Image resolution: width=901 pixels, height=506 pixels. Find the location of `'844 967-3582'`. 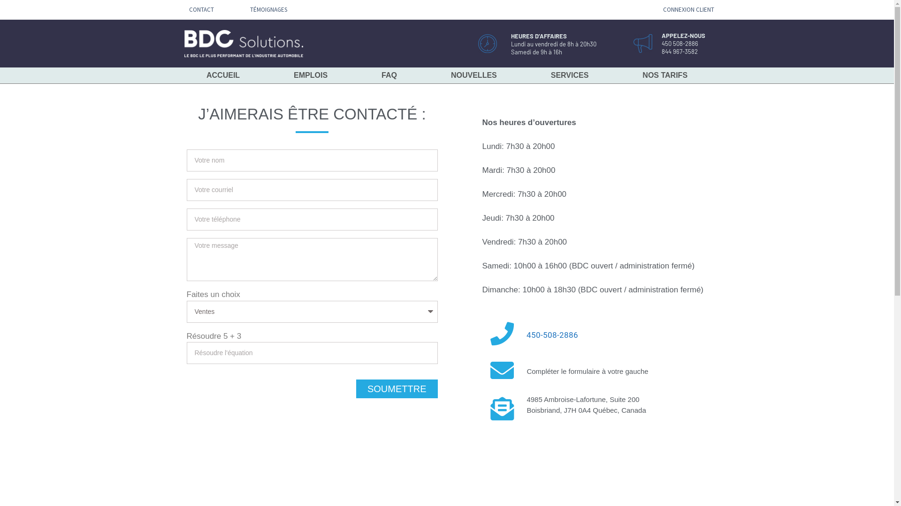

'844 967-3582' is located at coordinates (680, 52).